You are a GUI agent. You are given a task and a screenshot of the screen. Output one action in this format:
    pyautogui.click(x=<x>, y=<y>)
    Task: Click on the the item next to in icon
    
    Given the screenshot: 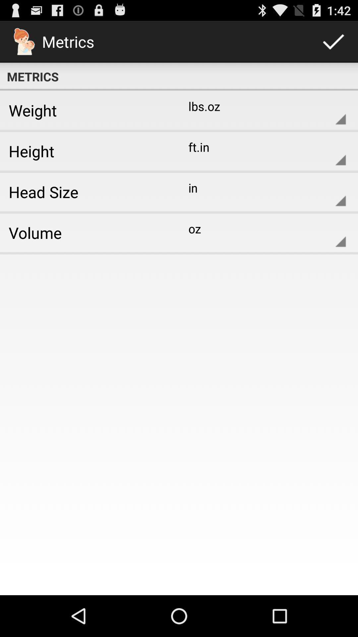 What is the action you would take?
    pyautogui.click(x=87, y=191)
    